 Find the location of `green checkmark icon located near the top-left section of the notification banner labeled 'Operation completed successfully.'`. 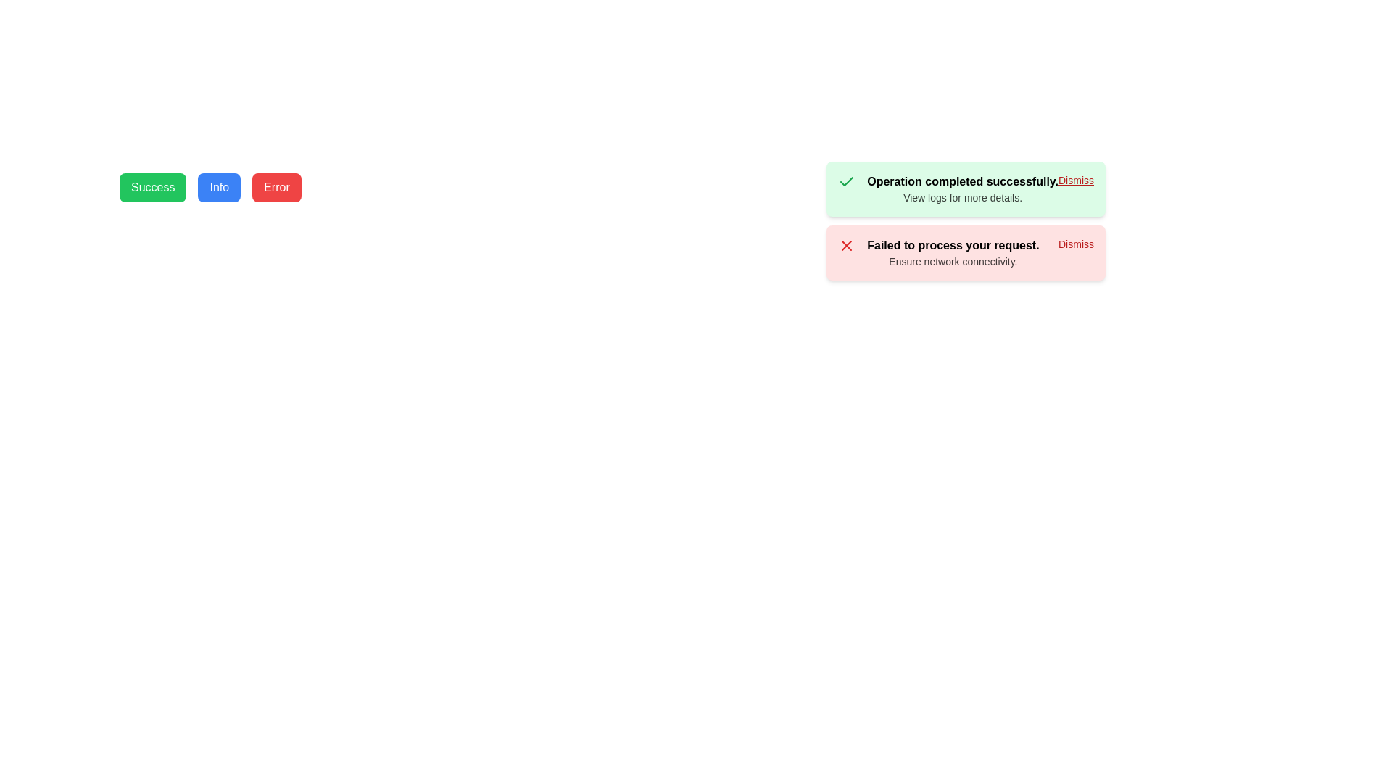

green checkmark icon located near the top-left section of the notification banner labeled 'Operation completed successfully.' is located at coordinates (847, 181).